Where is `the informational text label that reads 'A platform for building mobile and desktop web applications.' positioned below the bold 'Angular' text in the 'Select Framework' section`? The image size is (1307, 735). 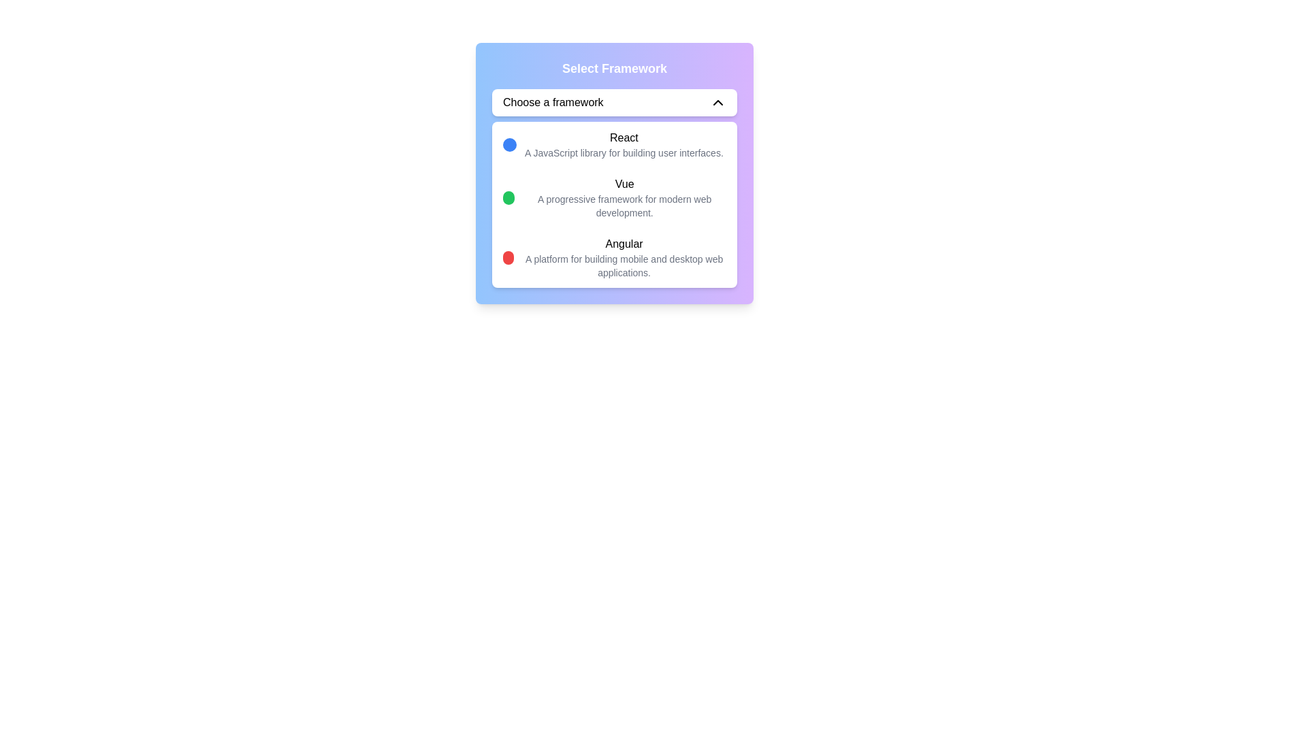 the informational text label that reads 'A platform for building mobile and desktop web applications.' positioned below the bold 'Angular' text in the 'Select Framework' section is located at coordinates (623, 265).